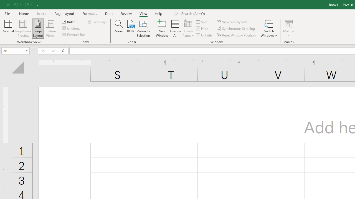 This screenshot has width=355, height=199. What do you see at coordinates (130, 28) in the screenshot?
I see `'100%'` at bounding box center [130, 28].